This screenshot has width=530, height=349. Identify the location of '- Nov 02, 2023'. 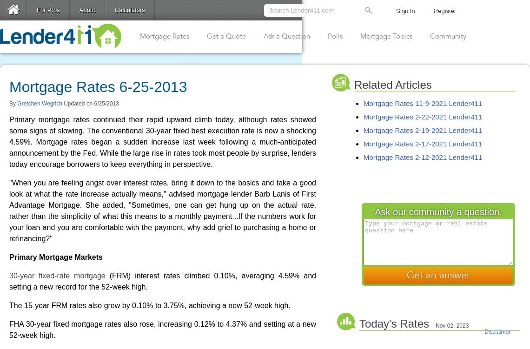
(450, 325).